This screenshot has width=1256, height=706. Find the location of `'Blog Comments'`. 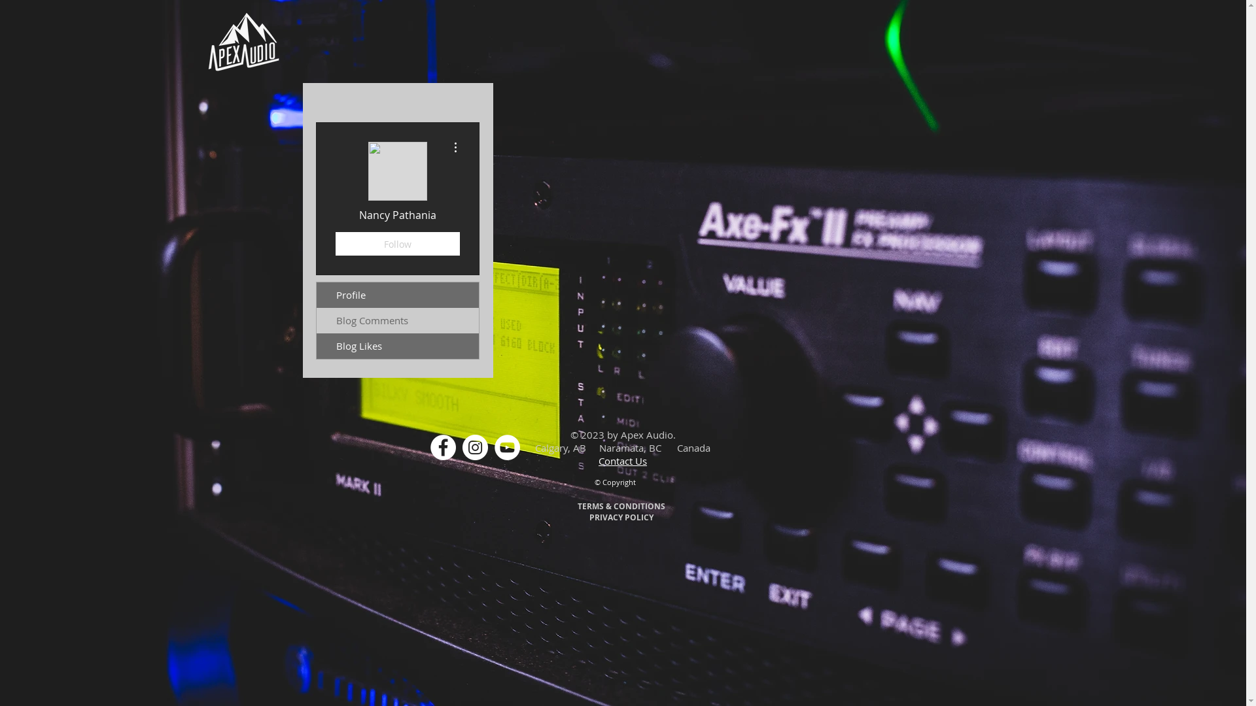

'Blog Comments' is located at coordinates (397, 320).